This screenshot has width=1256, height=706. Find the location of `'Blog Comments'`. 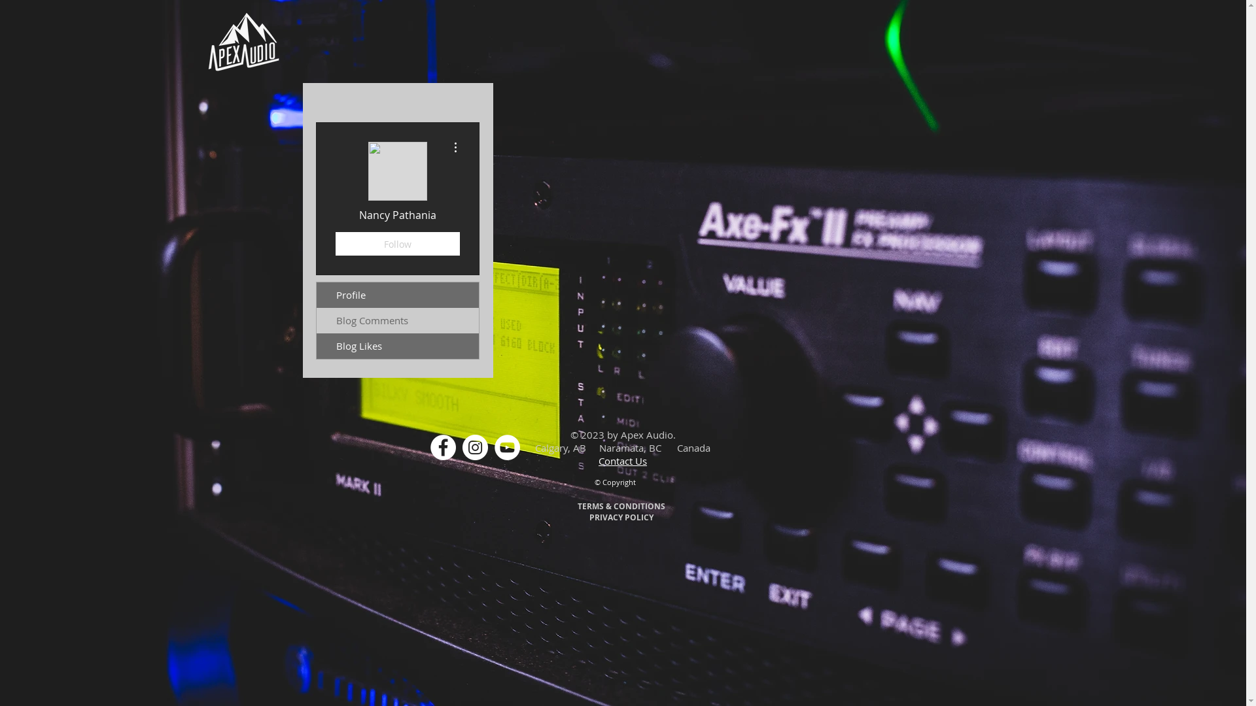

'Blog Comments' is located at coordinates (397, 320).